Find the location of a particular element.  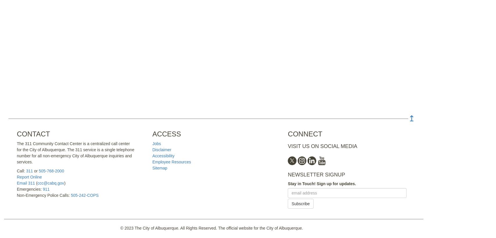

'Accessibility' is located at coordinates (163, 156).